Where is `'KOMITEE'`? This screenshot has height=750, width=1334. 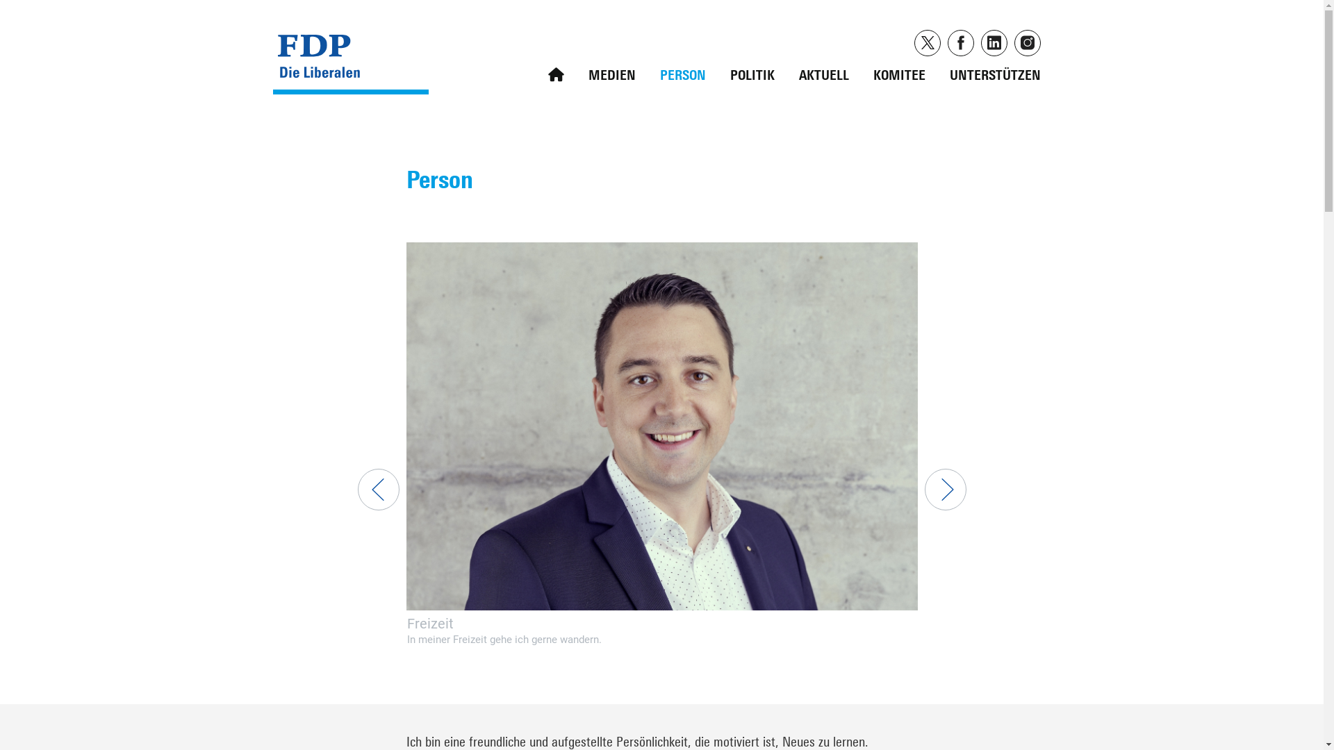 'KOMITEE' is located at coordinates (899, 72).